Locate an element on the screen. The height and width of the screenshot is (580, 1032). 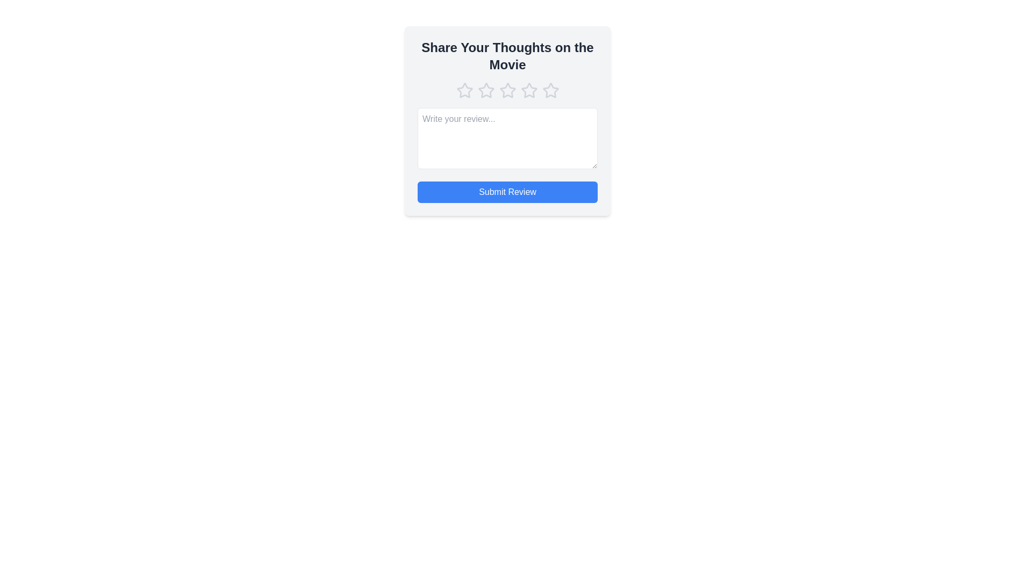
the second star icon in the rating interface is located at coordinates (485, 90).